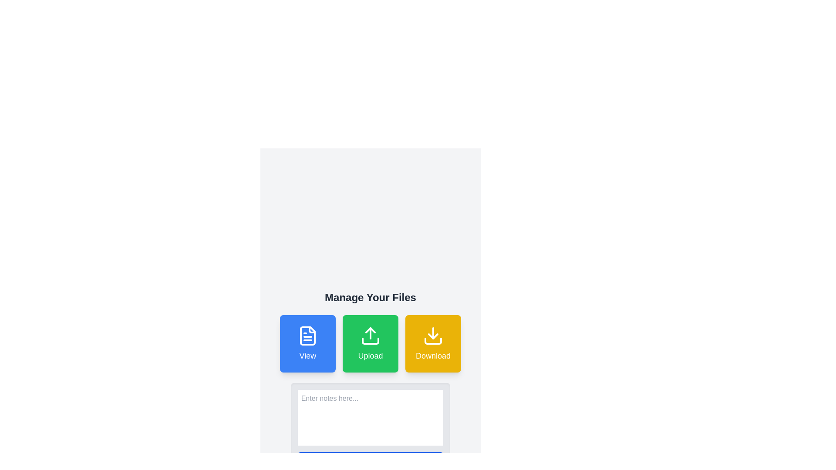 This screenshot has width=836, height=470. I want to click on the upload SVG icon located in the green button labeled 'Upload', which is the second button from the left under the 'Manage Your Files' header, so click(370, 335).